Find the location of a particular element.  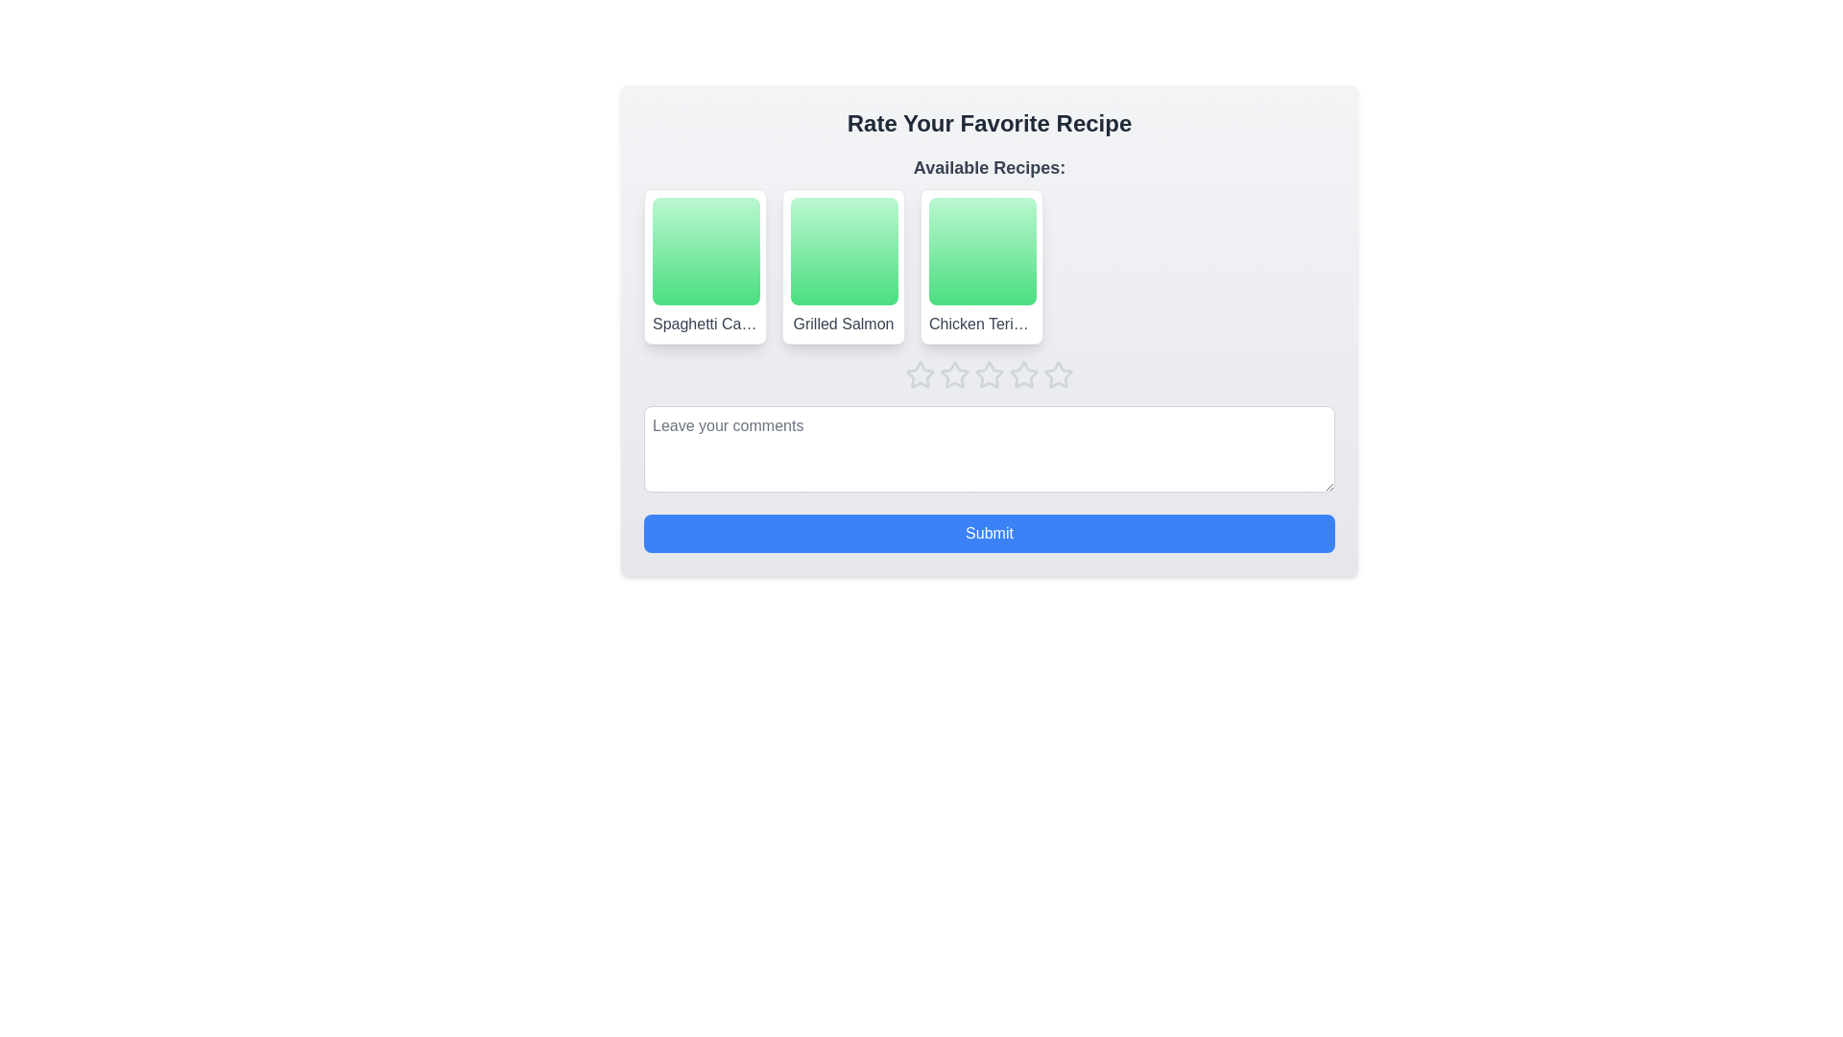

the second star from the left in the horizontal row of five star rating icons beneath the 'Chicken Teriyaki' card is located at coordinates (989, 374).